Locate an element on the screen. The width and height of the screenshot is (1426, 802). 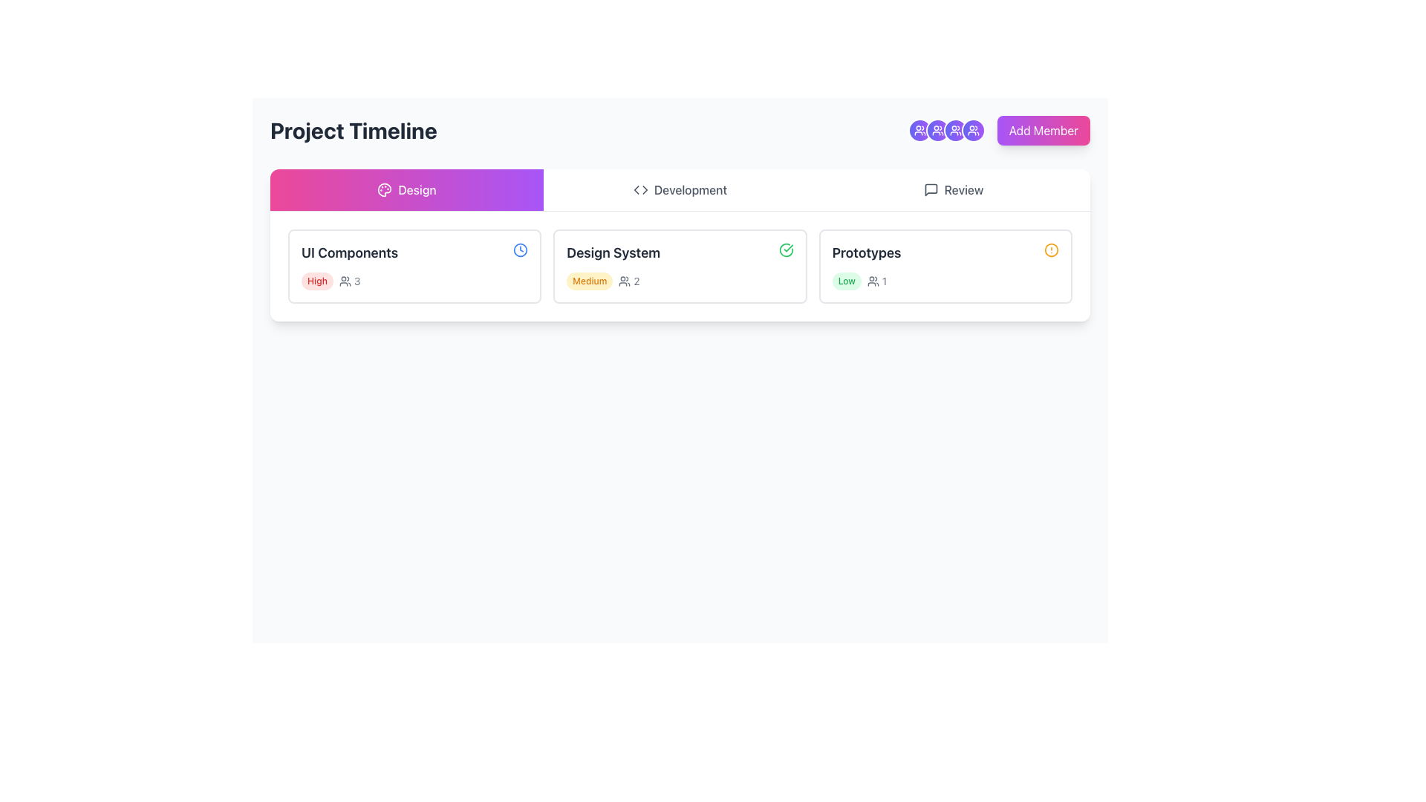
the inner circular part of the yellow alert icon adjacent to the 'Prototypes' section in the rightmost card of the Design stage view is located at coordinates (1051, 249).